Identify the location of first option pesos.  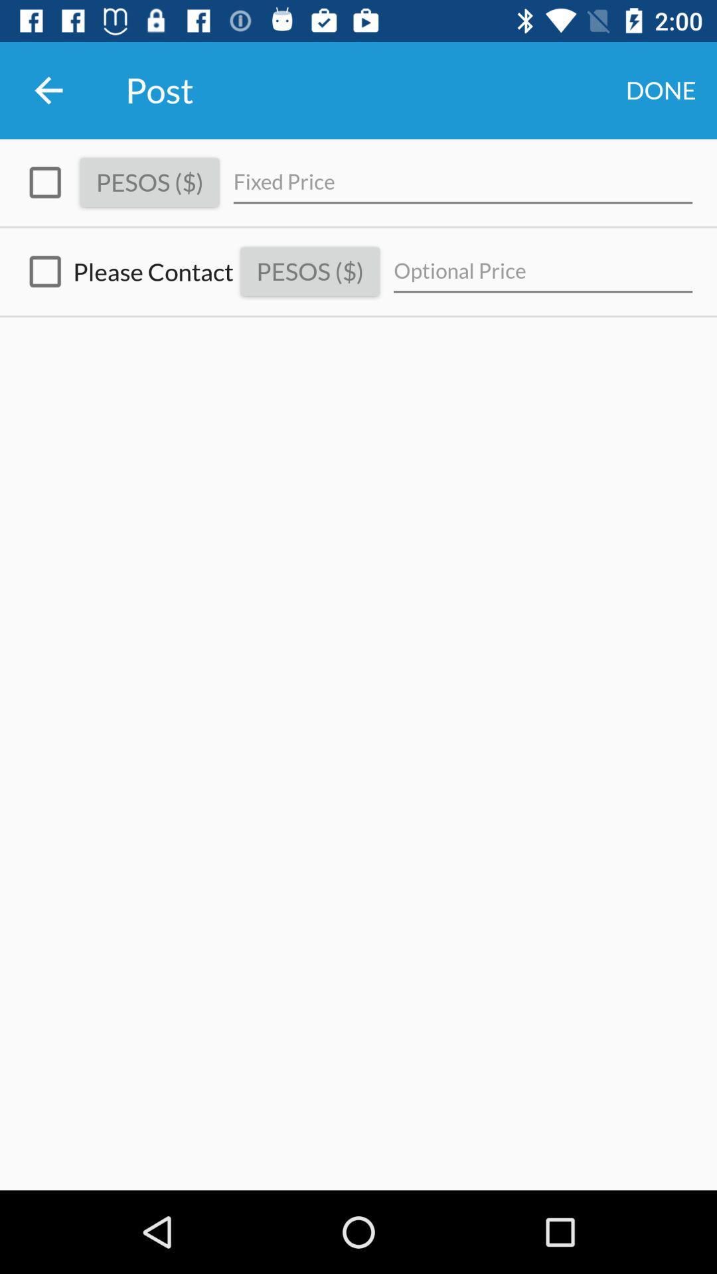
(44, 182).